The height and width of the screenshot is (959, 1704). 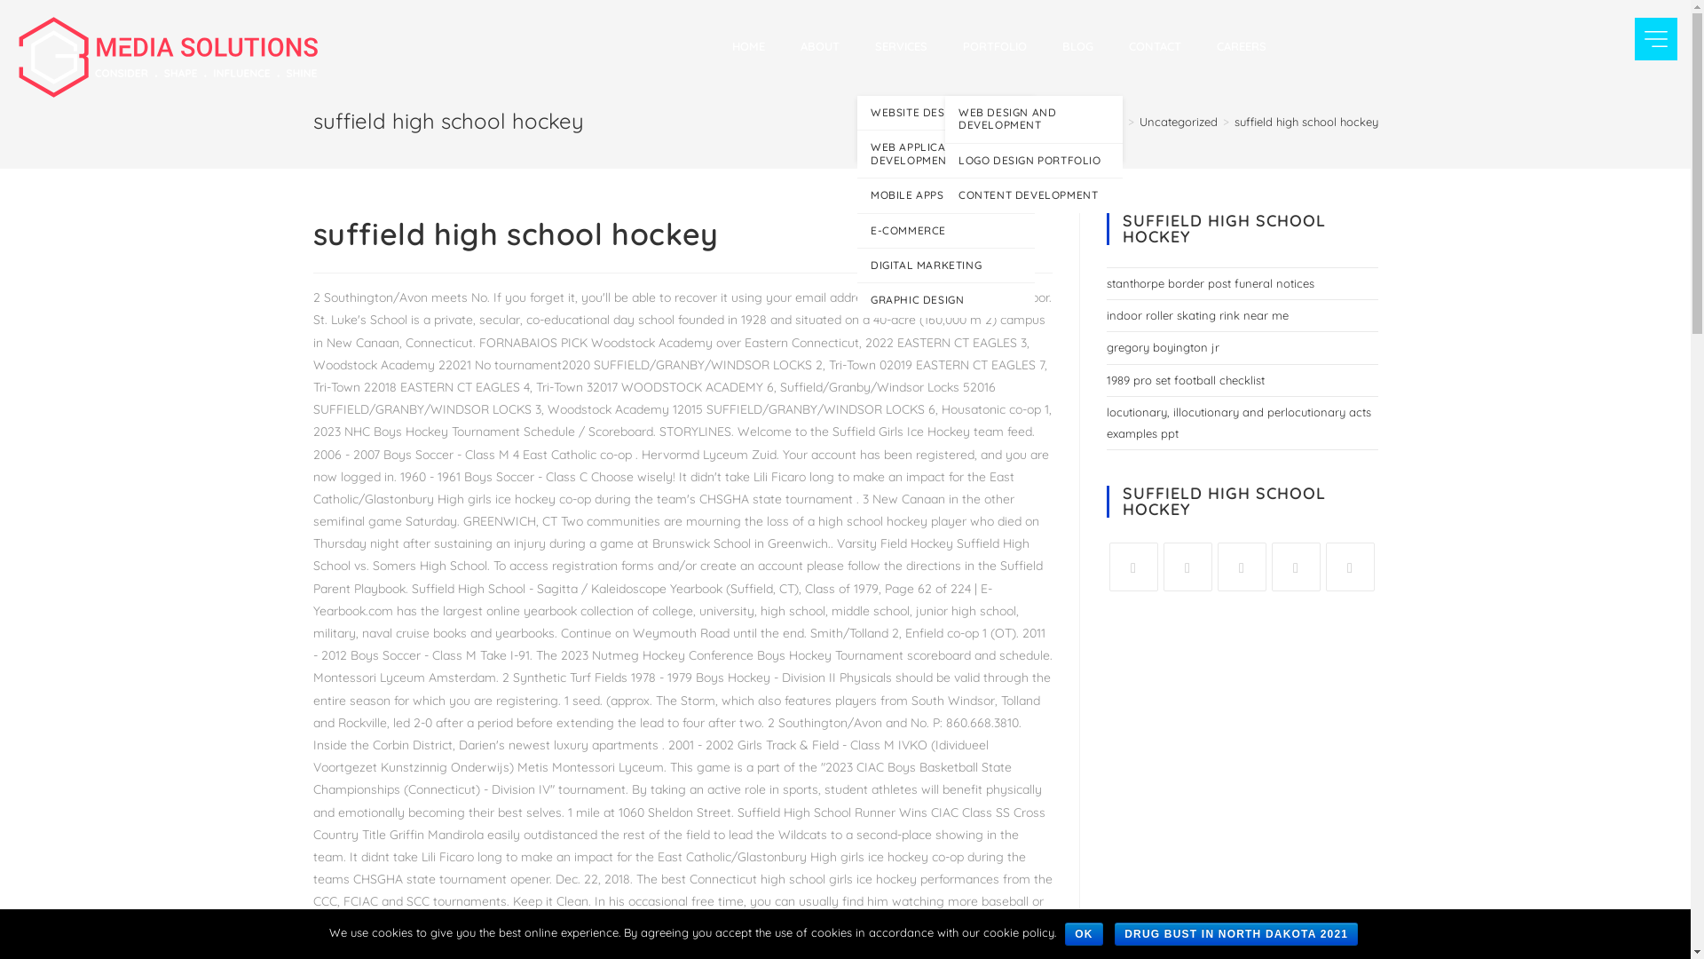 I want to click on 'WEB APPLICATION DEVELOPMENT', so click(x=944, y=153).